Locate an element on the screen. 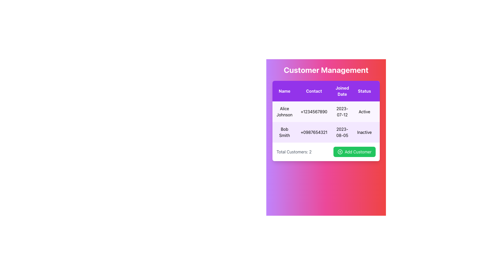 Image resolution: width=494 pixels, height=278 pixels. the phone number '+1234567890' in the 'Contact' column, which is the second cell of the first row corresponding to 'Alice Johnson' is located at coordinates (314, 111).